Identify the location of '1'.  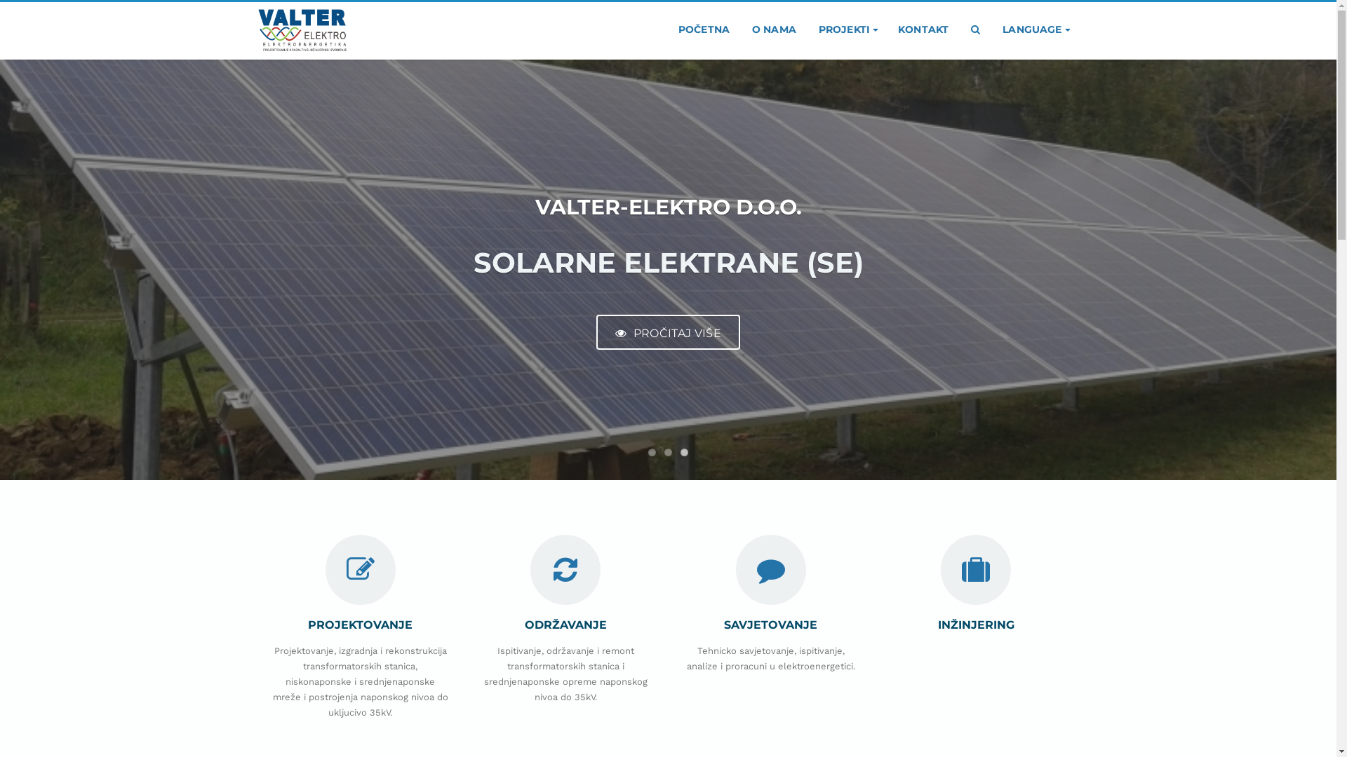
(651, 452).